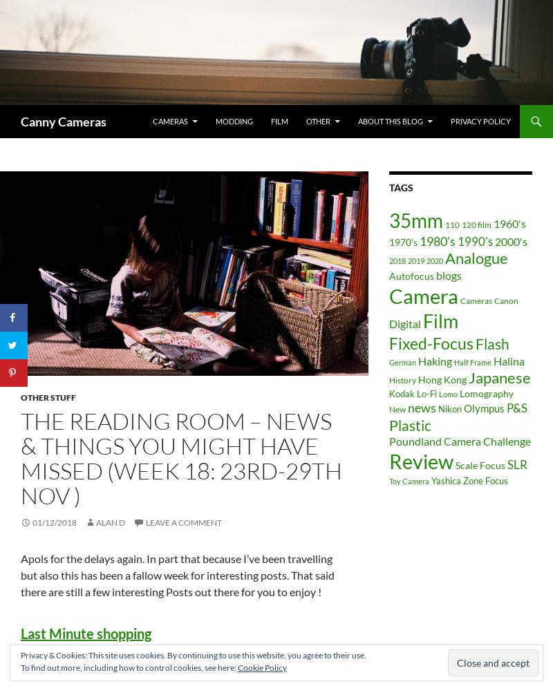  Describe the element at coordinates (449, 408) in the screenshot. I see `'Nikon'` at that location.